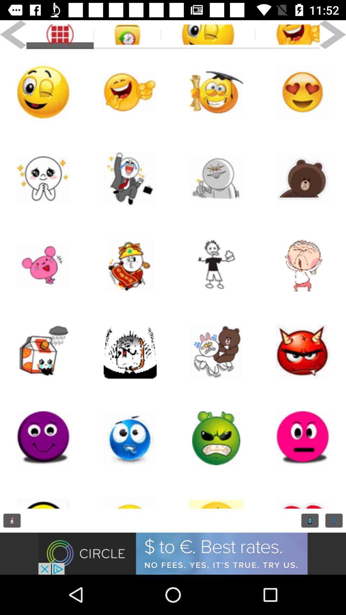 This screenshot has width=346, height=615. I want to click on sticker, so click(216, 92).